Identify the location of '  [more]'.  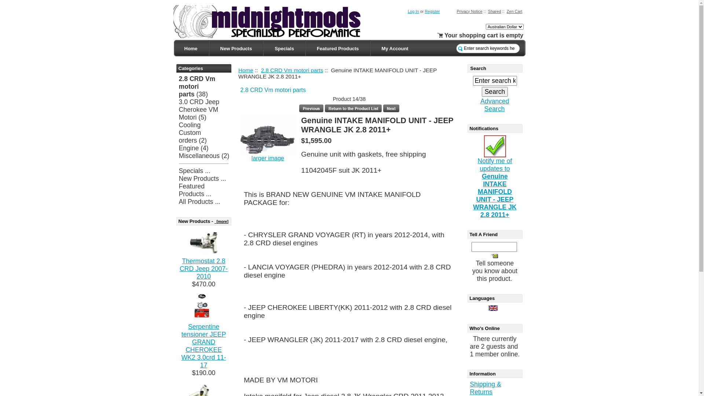
(221, 221).